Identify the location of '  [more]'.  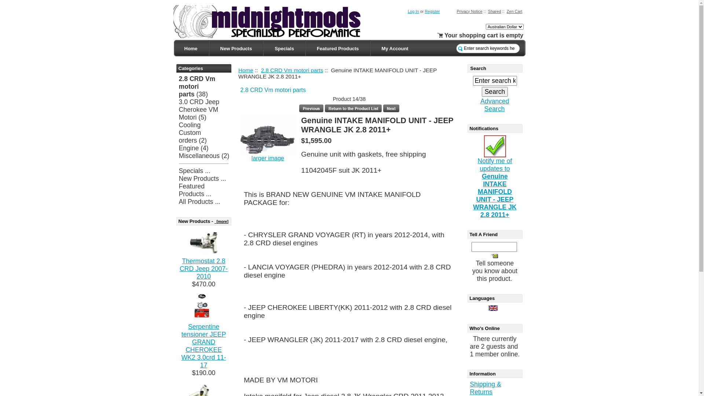
(221, 221).